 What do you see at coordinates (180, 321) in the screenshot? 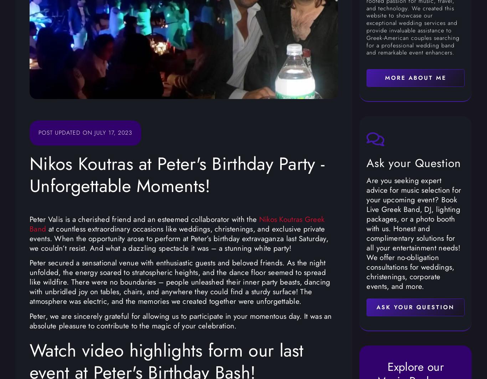
I see `'Peter, we are sincerely grateful for allowing us to participate in your momentous day. It was an absolute pleasure to contribute to the magic of your celebration.'` at bounding box center [180, 321].